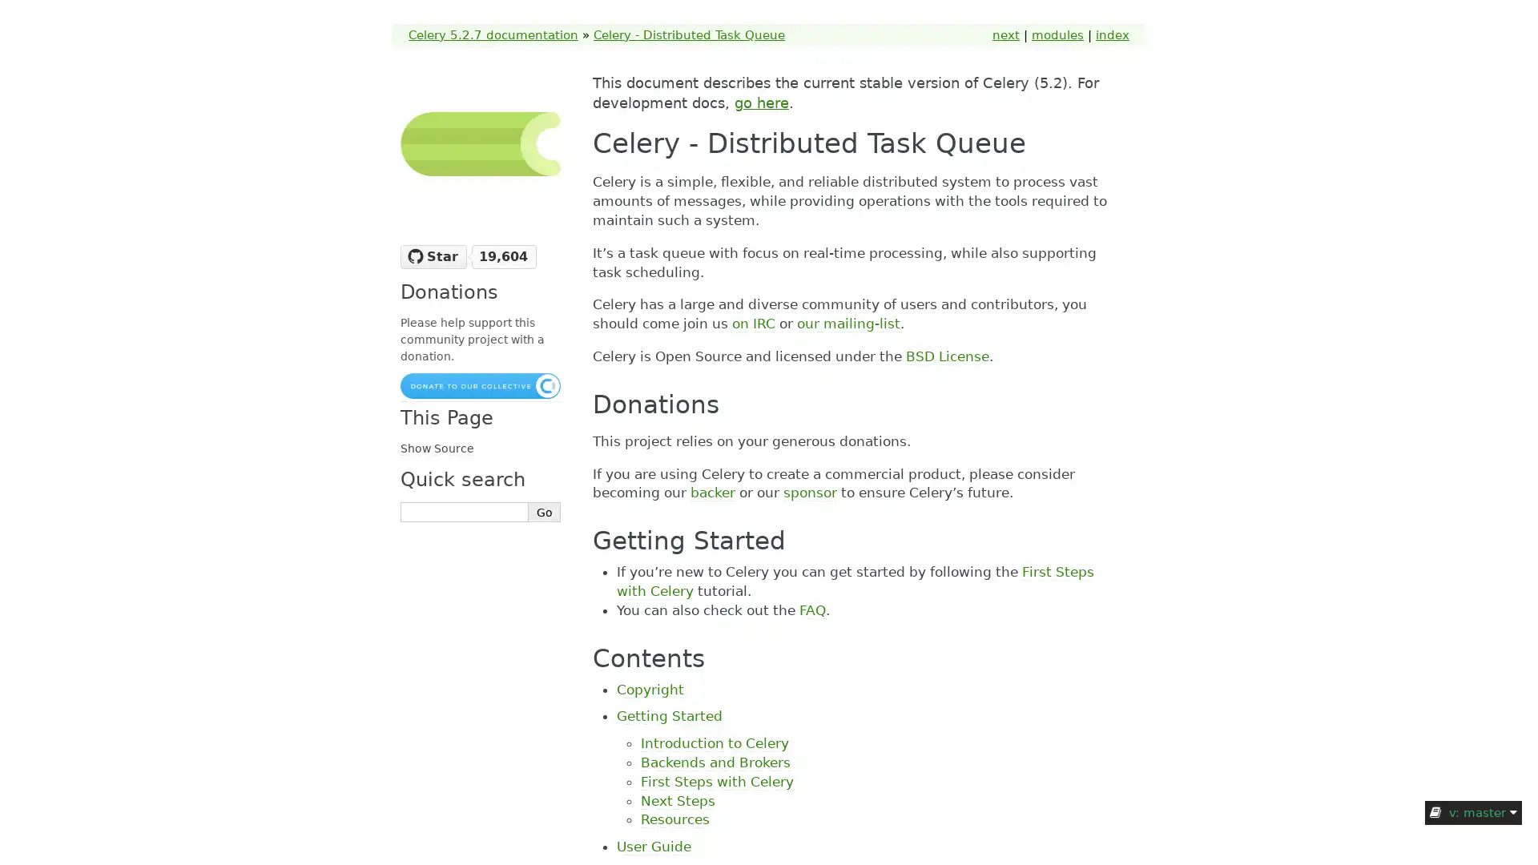  What do you see at coordinates (545, 512) in the screenshot?
I see `Go` at bounding box center [545, 512].